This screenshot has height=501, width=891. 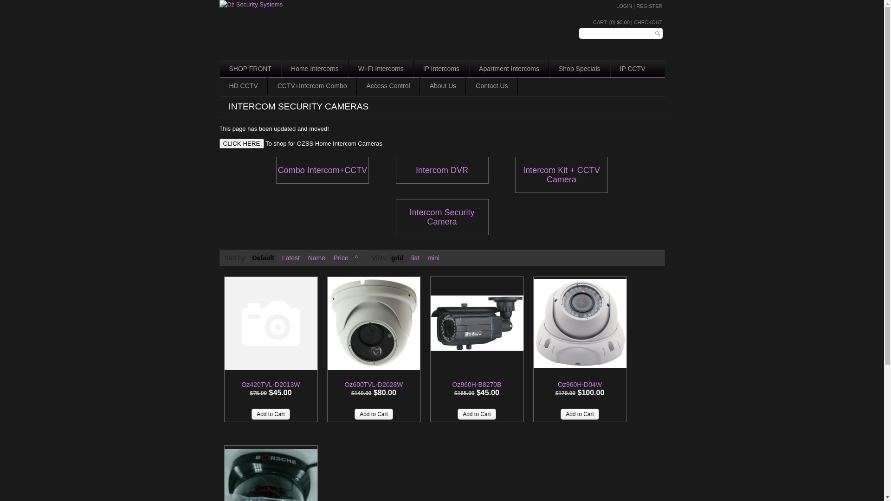 I want to click on 'Intercom Kit + CCTV Camera', so click(x=561, y=175).